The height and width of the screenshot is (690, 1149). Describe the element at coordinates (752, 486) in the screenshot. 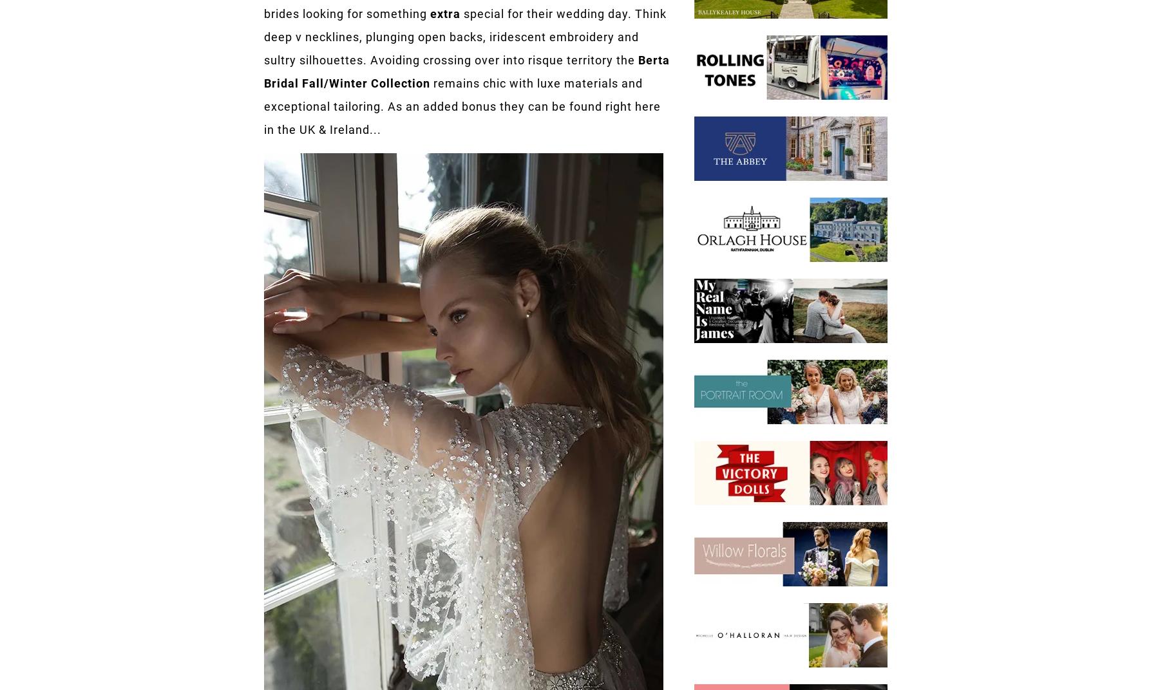

I see `'hello@onefabday.com'` at that location.